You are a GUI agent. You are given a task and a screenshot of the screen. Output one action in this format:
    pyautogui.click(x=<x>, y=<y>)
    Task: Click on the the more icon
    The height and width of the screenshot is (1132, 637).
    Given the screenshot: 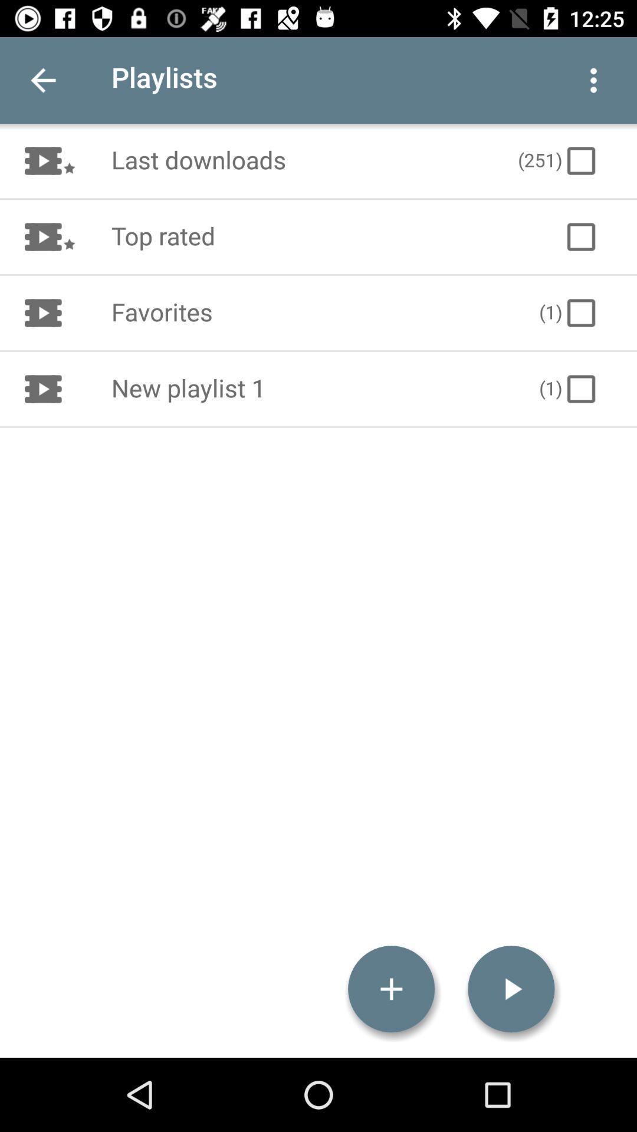 What is the action you would take?
    pyautogui.click(x=593, y=80)
    